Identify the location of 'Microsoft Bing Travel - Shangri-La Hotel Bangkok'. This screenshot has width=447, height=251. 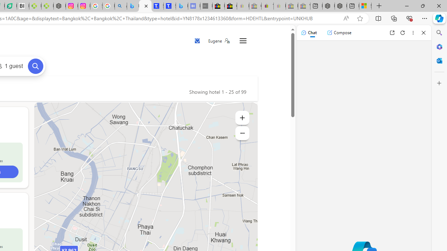
(182, 6).